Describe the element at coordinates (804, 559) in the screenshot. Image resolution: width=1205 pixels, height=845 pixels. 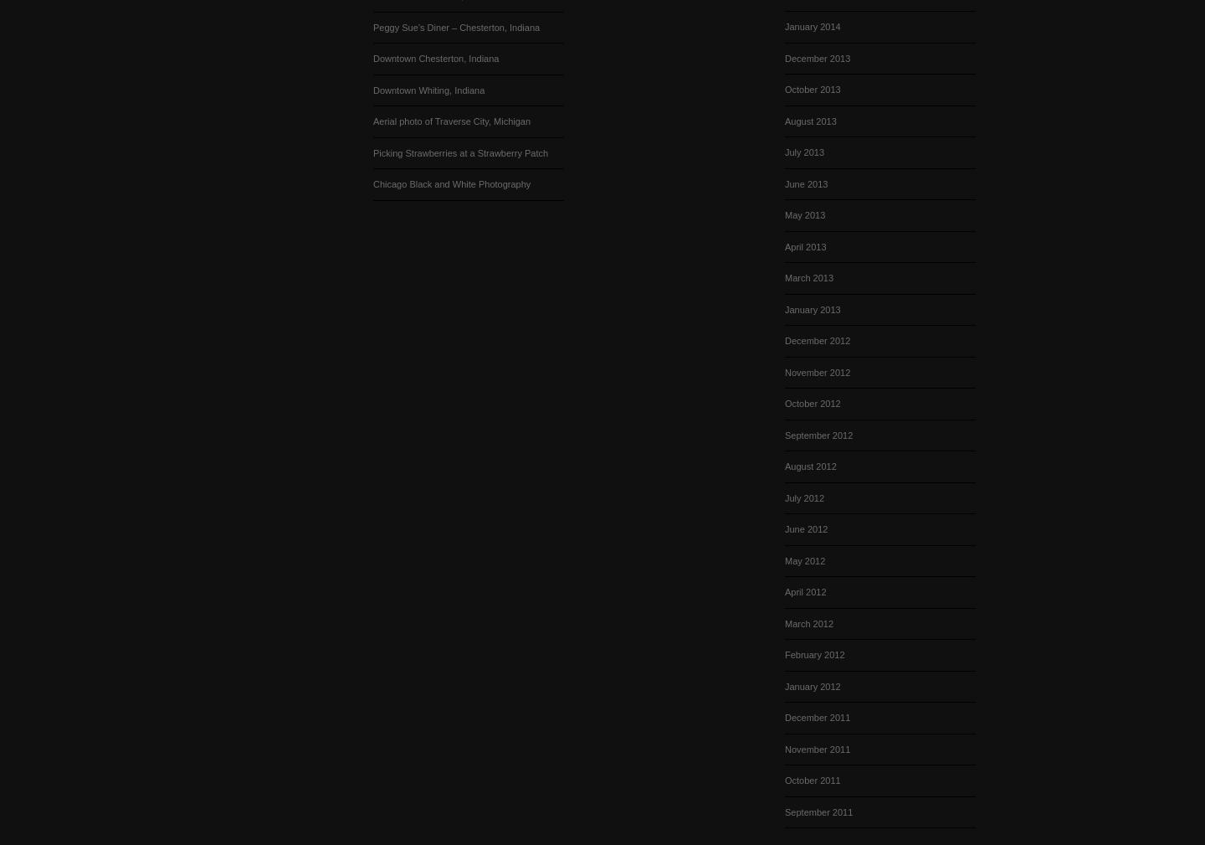
I see `'May 2012'` at that location.